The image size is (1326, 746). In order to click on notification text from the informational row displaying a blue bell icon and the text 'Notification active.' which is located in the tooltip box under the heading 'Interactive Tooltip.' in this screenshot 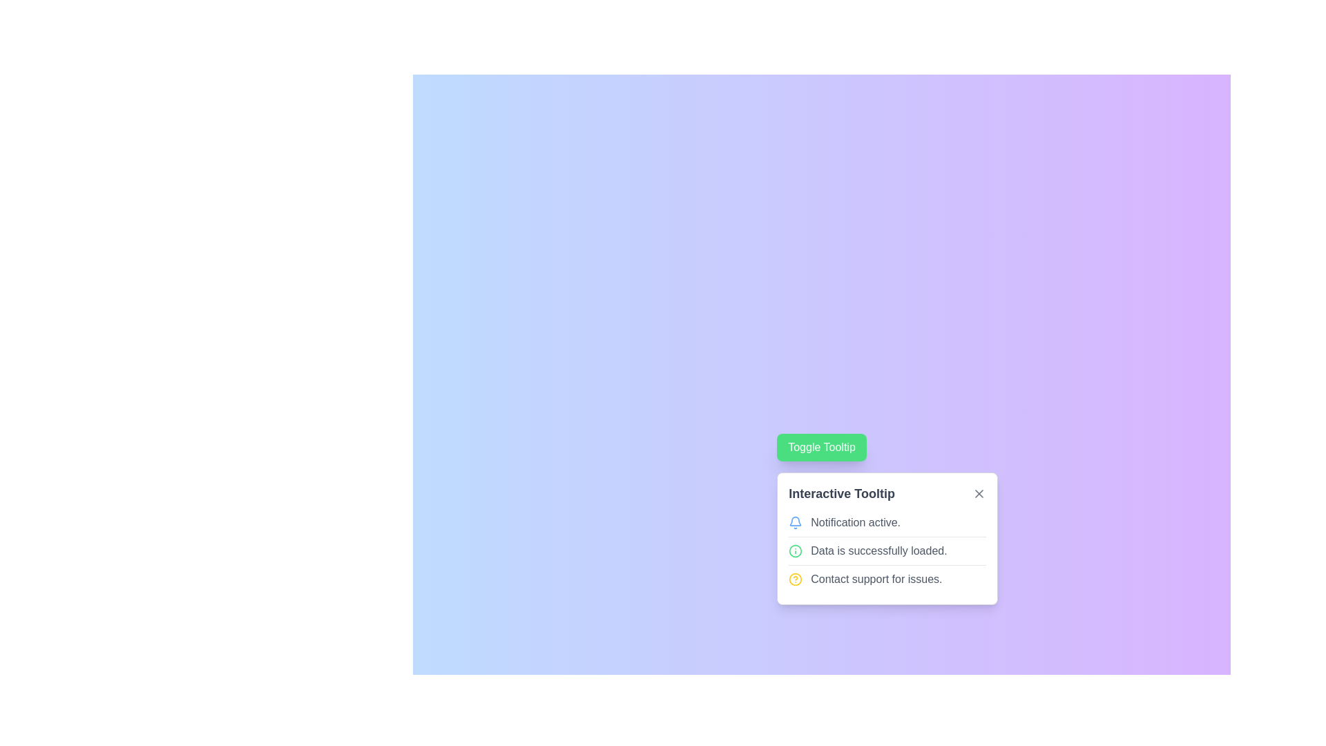, I will do `click(887, 522)`.